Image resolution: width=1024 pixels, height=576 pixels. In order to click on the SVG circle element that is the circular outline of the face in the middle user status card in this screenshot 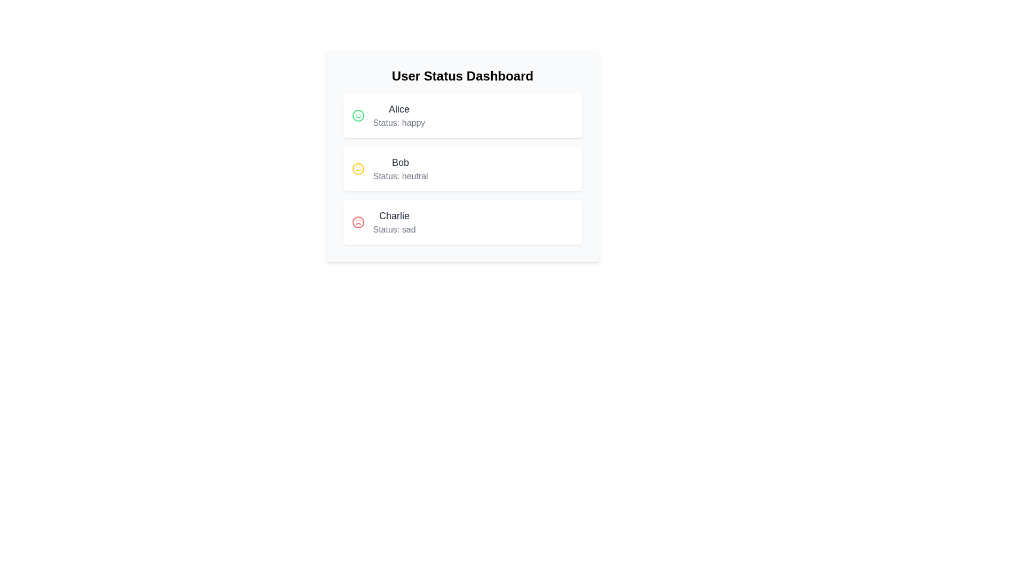, I will do `click(358, 168)`.